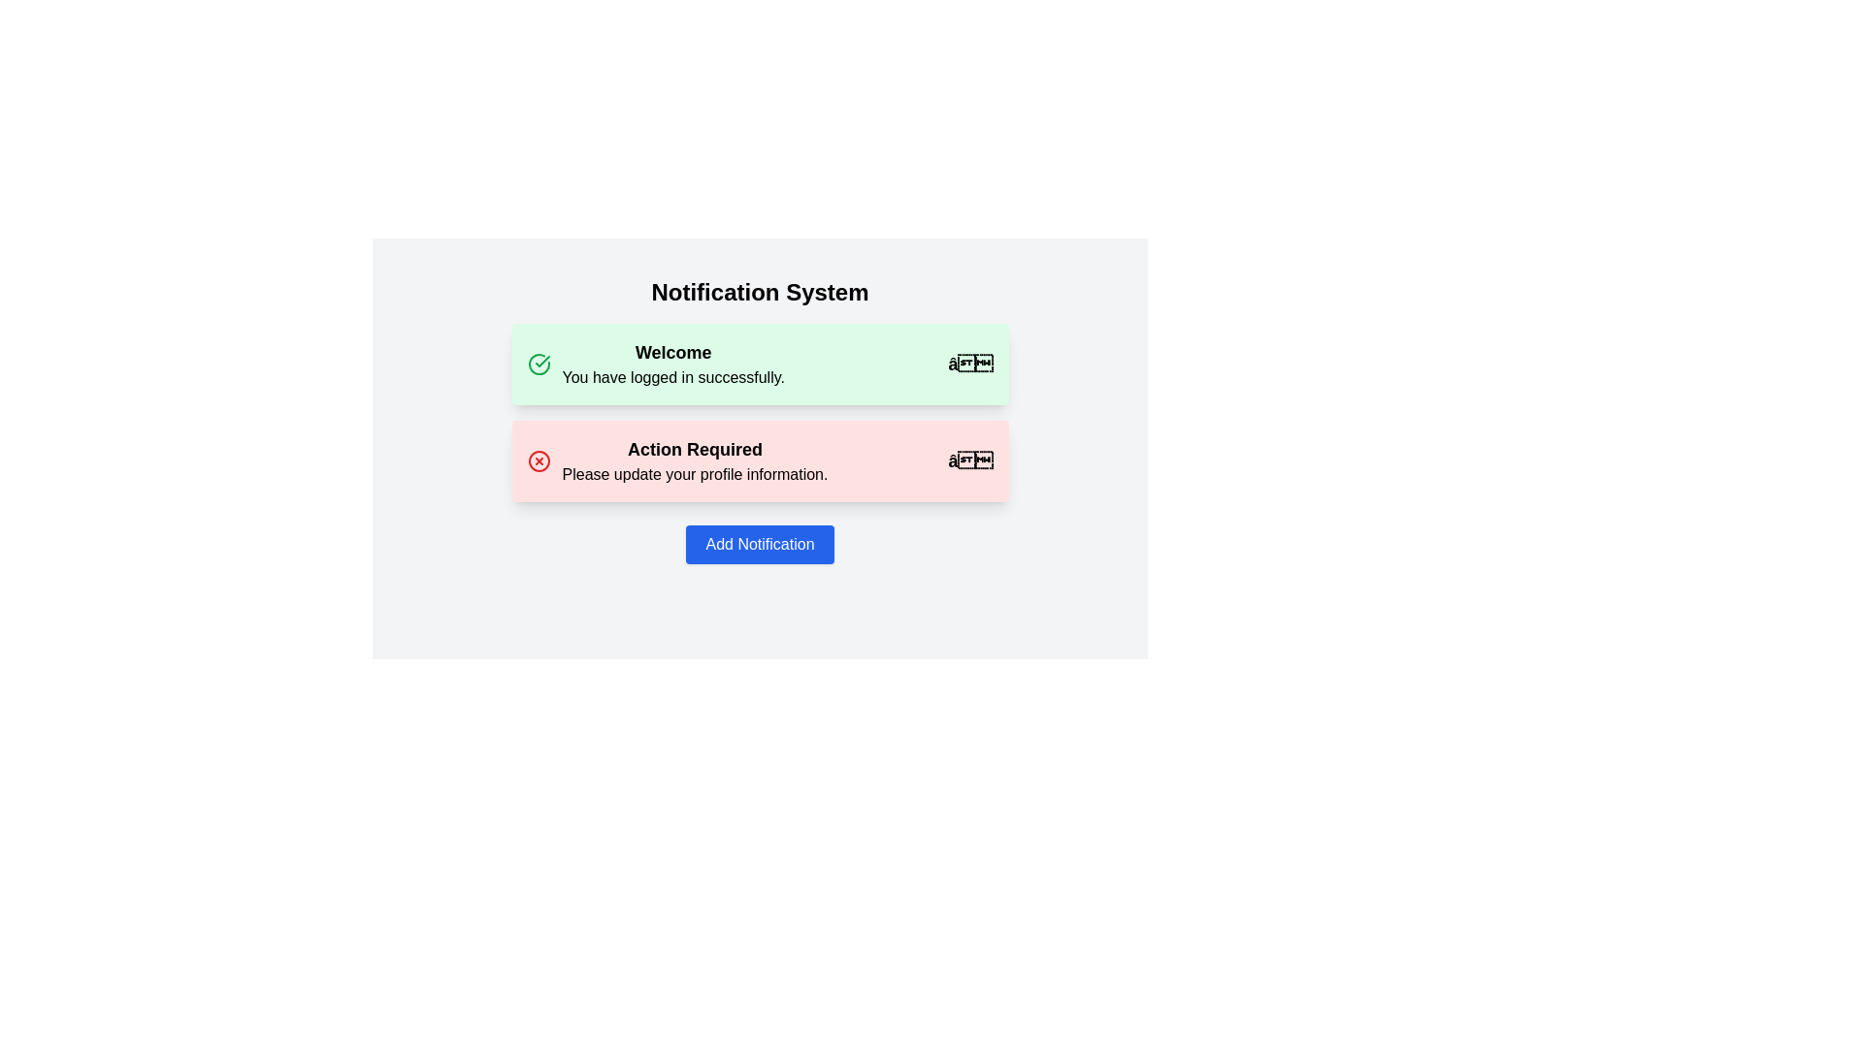 This screenshot has height=1047, width=1863. Describe the element at coordinates (969, 460) in the screenshot. I see `the close button (×)` at that location.